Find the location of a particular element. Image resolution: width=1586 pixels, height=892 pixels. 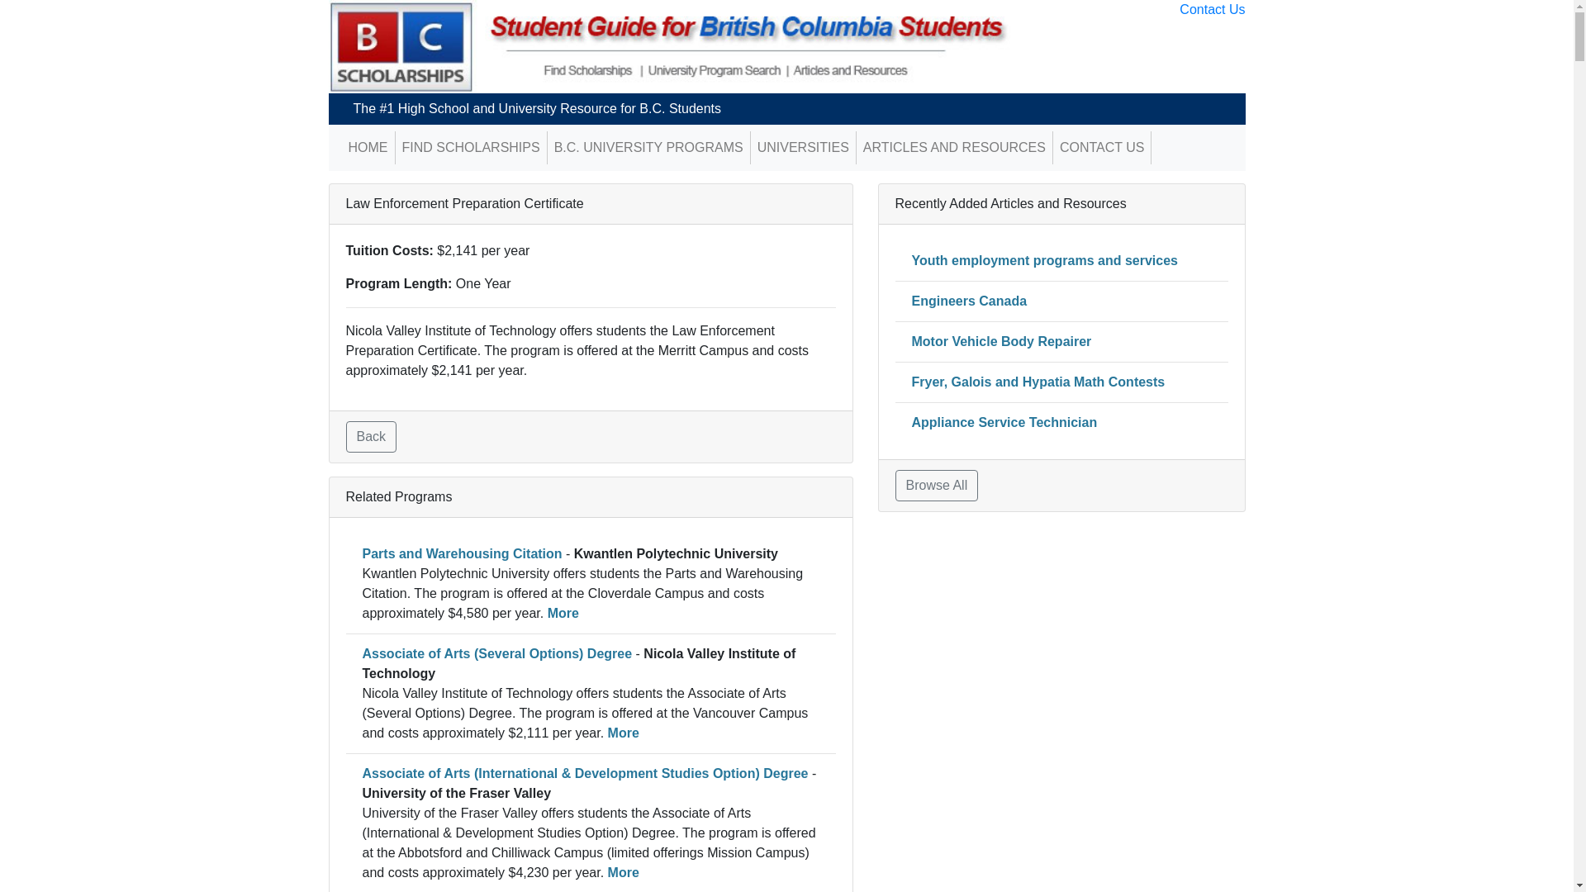

'Fryer, Galois and Hypatia Math Contests' is located at coordinates (1038, 382).